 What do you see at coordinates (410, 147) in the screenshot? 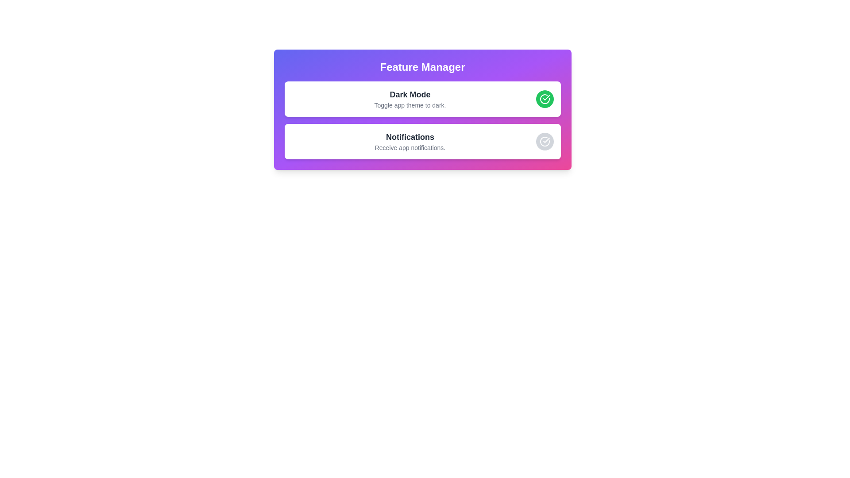
I see `the Text Label that provides a description for the 'Notifications' feature, located directly below the bolded title 'Notifications' in the second section of the interface` at bounding box center [410, 147].